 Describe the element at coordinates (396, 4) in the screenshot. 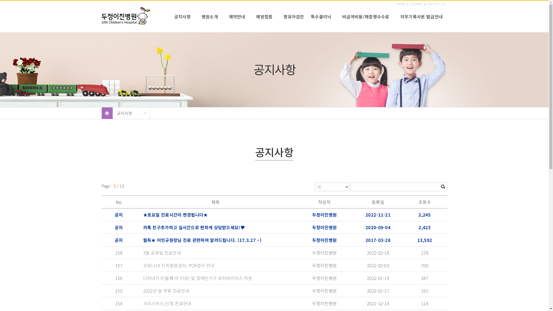

I see `'HOME'` at that location.